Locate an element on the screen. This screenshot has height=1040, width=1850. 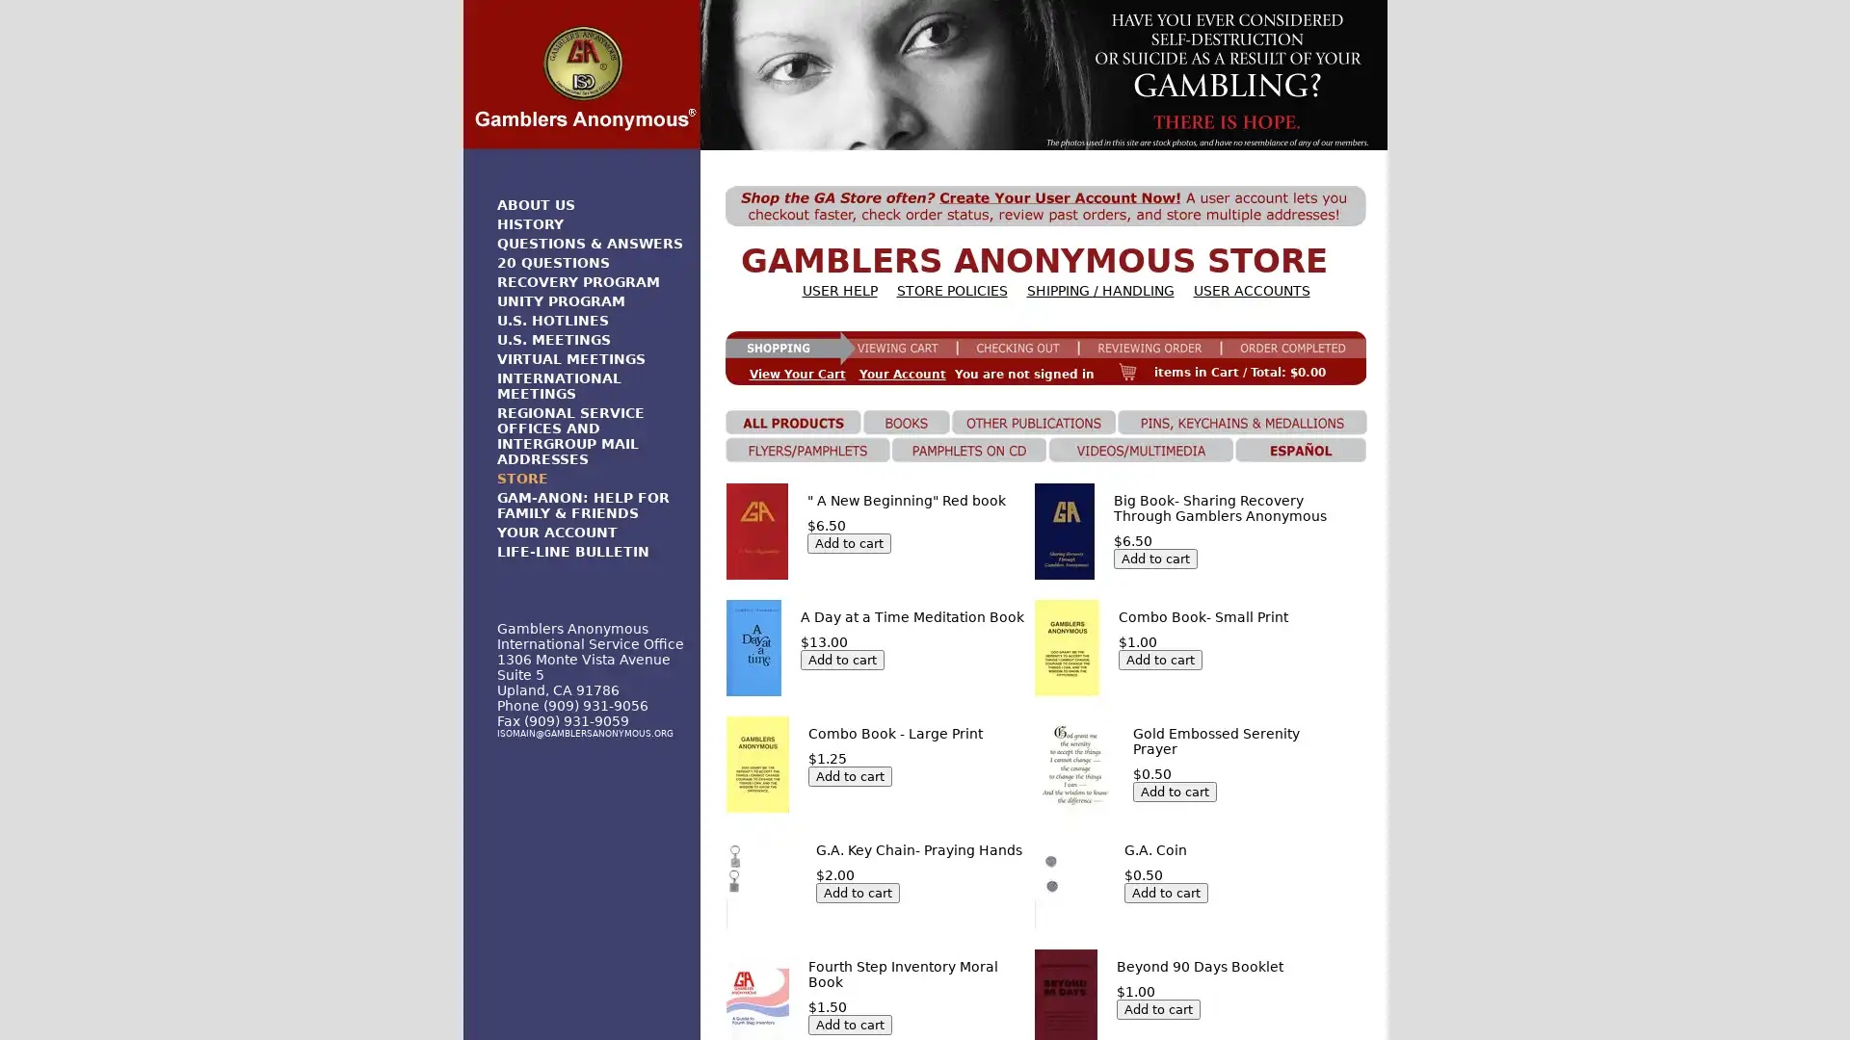
Add to cart is located at coordinates (848, 542).